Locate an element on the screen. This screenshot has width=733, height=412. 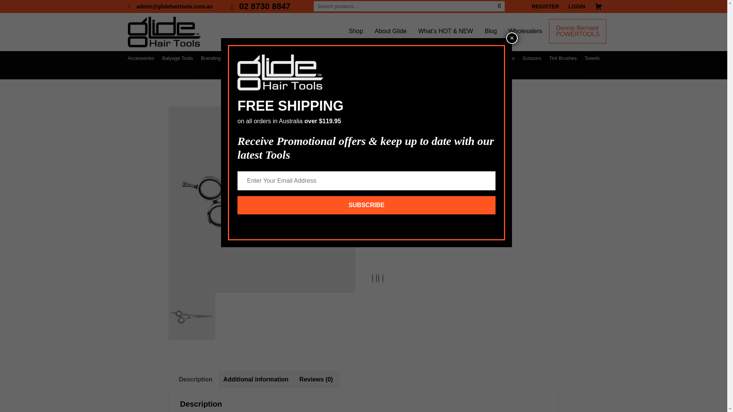
'Dennis Bernard POWERTOOLS' is located at coordinates (577, 31).